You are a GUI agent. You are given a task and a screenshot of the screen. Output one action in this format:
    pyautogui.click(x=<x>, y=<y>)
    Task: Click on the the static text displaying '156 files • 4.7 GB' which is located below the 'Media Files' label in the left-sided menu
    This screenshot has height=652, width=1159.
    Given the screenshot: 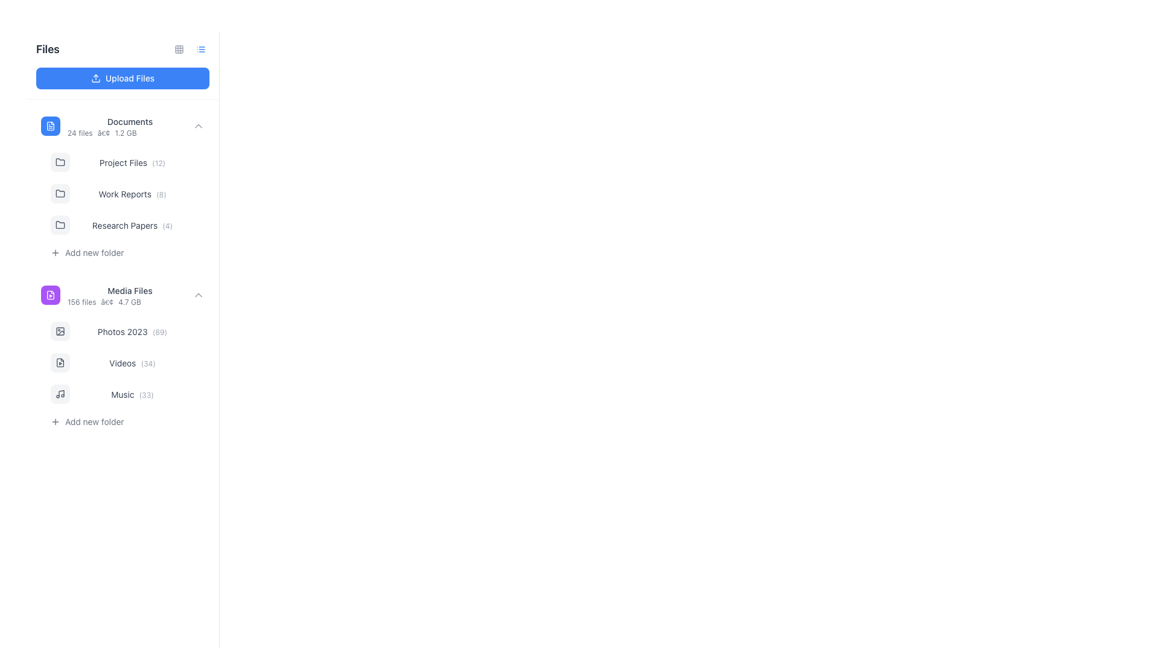 What is the action you would take?
    pyautogui.click(x=130, y=302)
    